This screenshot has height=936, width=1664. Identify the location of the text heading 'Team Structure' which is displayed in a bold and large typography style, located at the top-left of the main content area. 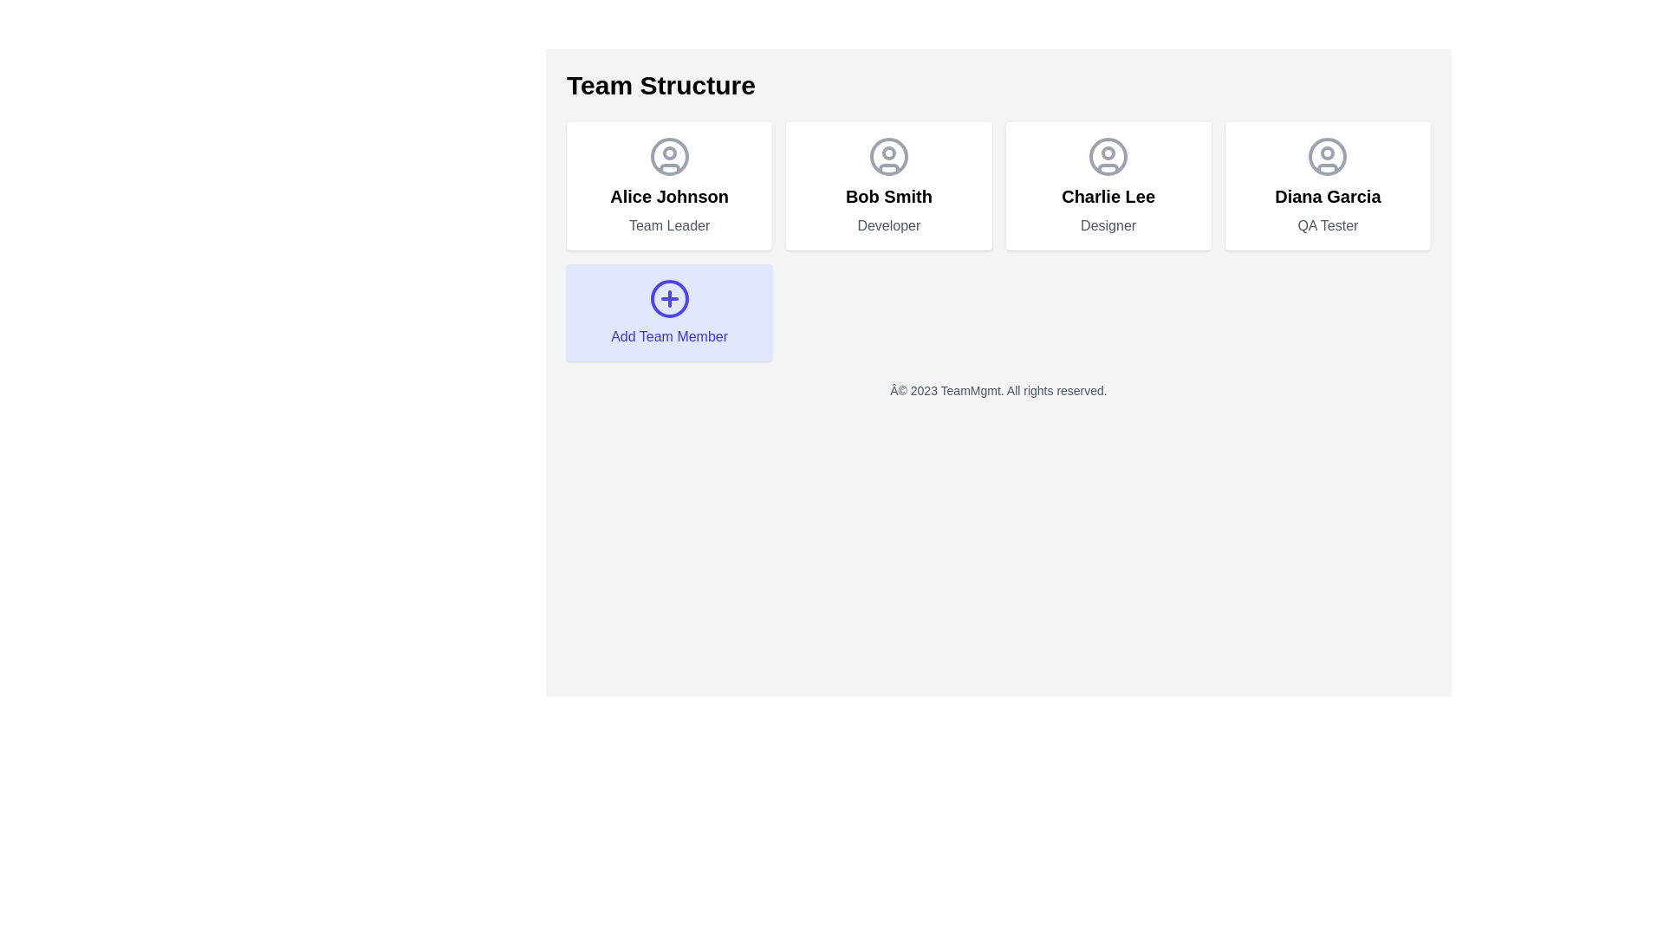
(660, 86).